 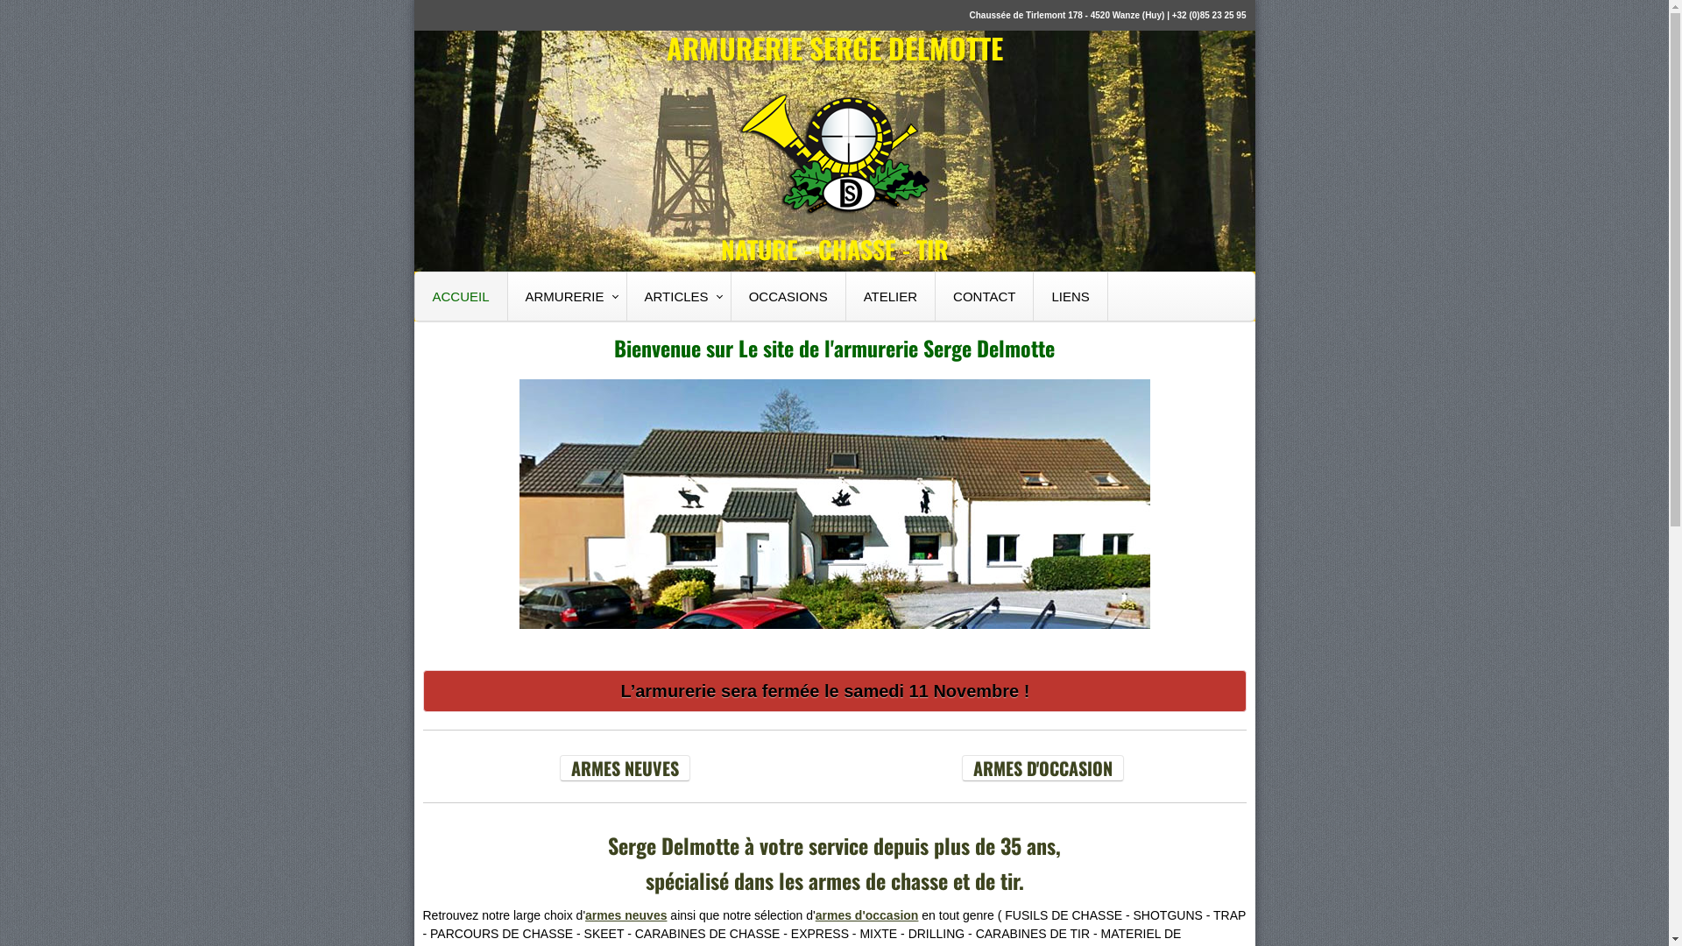 What do you see at coordinates (625, 914) in the screenshot?
I see `'armes neuves'` at bounding box center [625, 914].